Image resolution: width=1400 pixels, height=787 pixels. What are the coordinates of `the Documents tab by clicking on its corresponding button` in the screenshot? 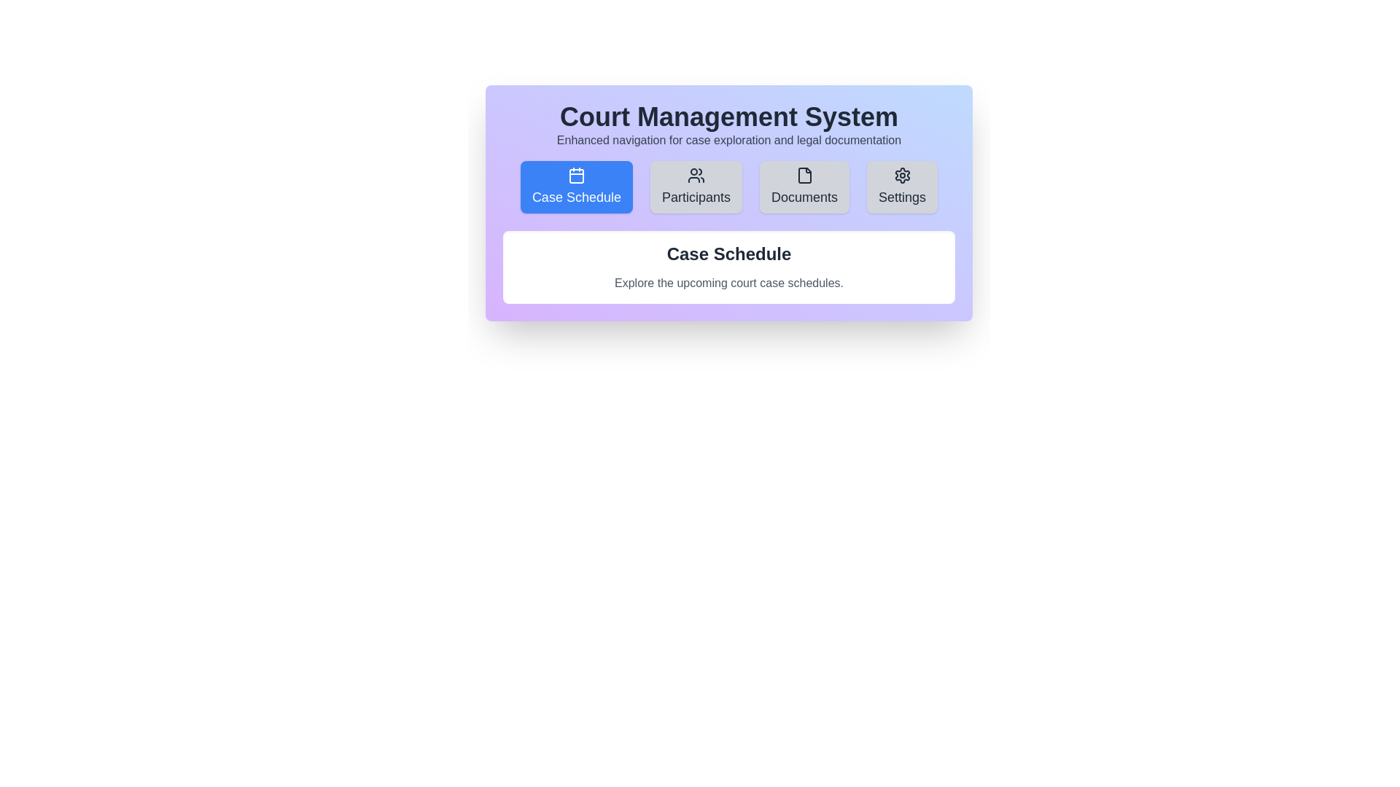 It's located at (804, 187).